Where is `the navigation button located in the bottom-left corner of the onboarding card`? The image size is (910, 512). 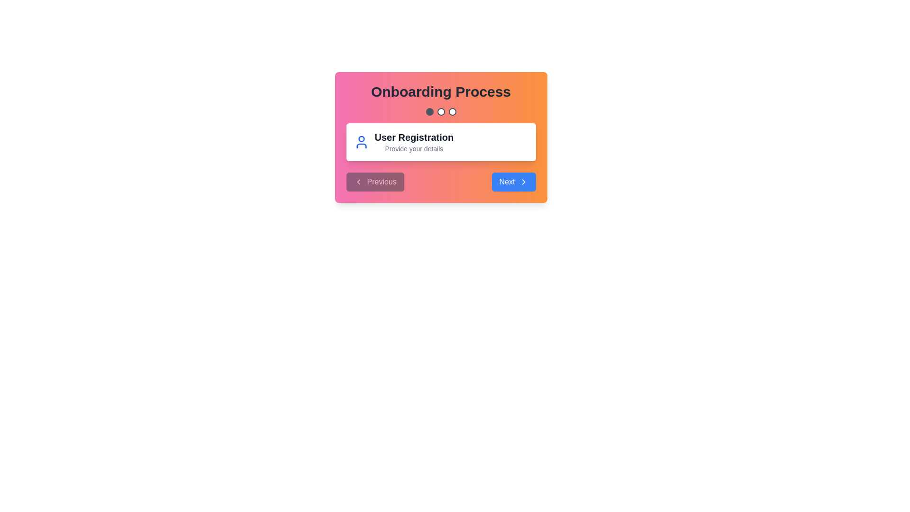 the navigation button located in the bottom-left corner of the onboarding card is located at coordinates (374, 182).